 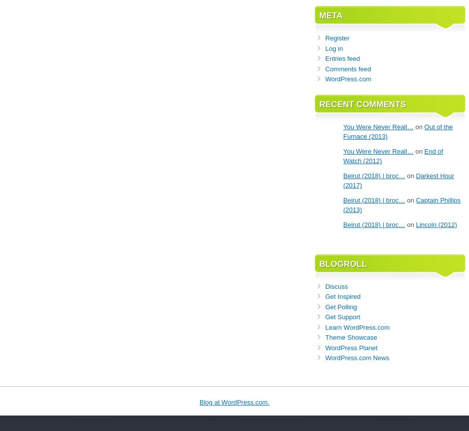 I want to click on 'Theme Showcase', so click(x=350, y=337).